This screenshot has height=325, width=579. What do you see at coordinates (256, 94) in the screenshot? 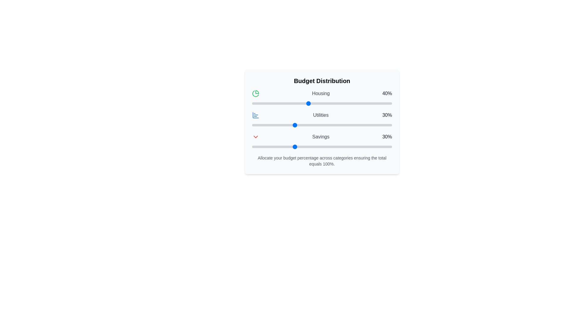
I see `the icon representing data visualization for the housing budget category, located on the leftmost part of the 'Housing' row within the 'Budget Distribution' card` at bounding box center [256, 94].